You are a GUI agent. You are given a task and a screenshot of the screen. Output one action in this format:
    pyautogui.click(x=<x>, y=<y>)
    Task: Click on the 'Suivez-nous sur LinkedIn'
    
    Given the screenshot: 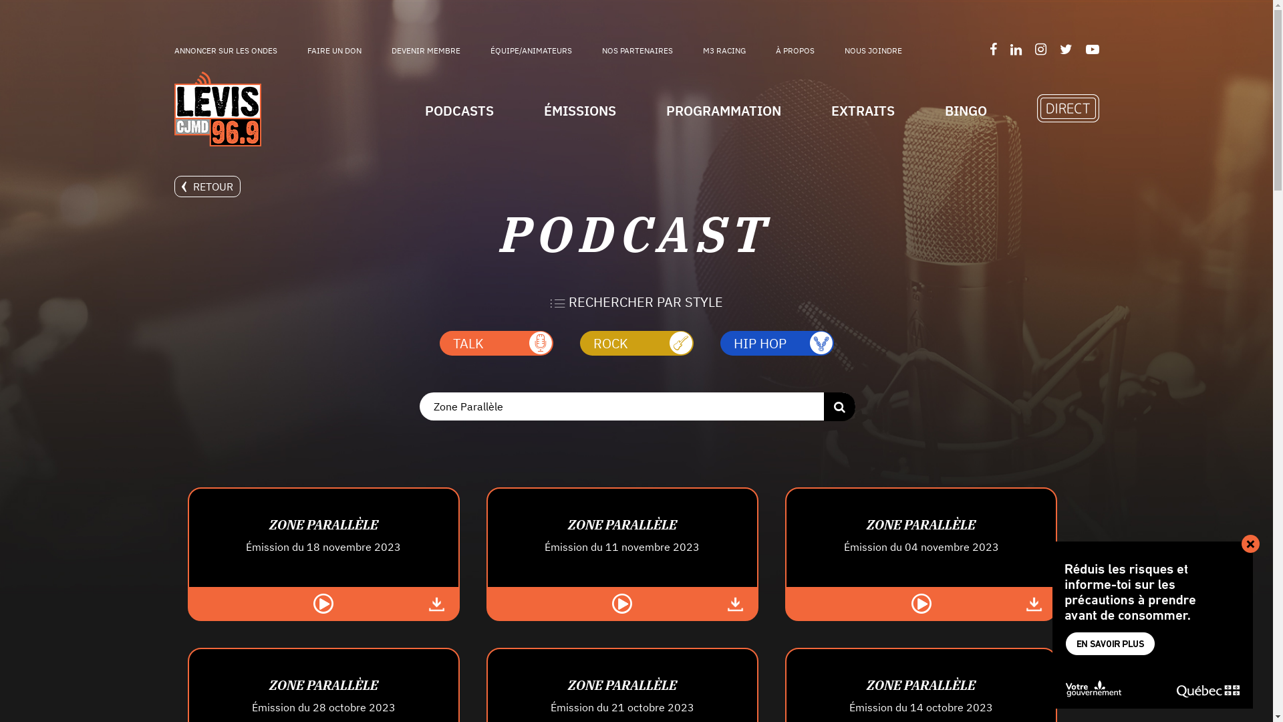 What is the action you would take?
    pyautogui.click(x=1016, y=48)
    